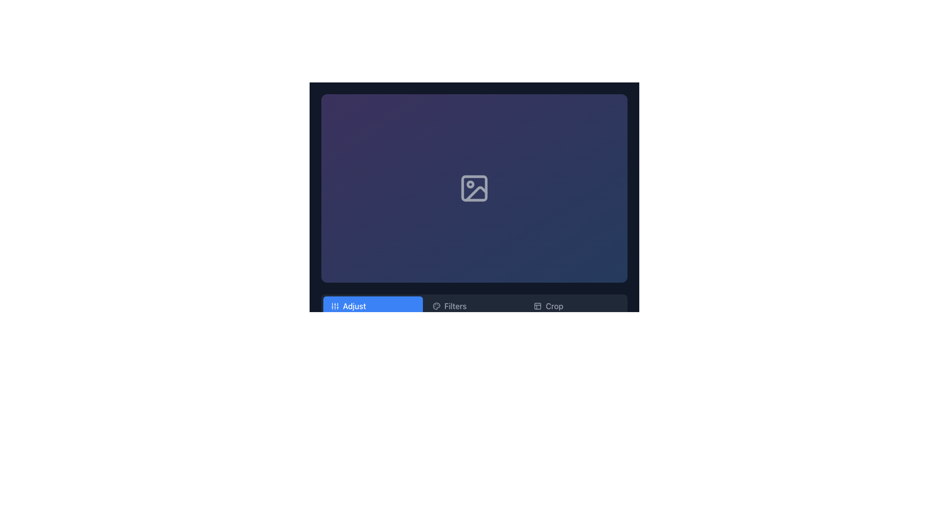 The height and width of the screenshot is (530, 942). Describe the element at coordinates (335, 306) in the screenshot. I see `the vertical sliders icon located to the left of the 'Adjust' button at the bottom left of the interface` at that location.